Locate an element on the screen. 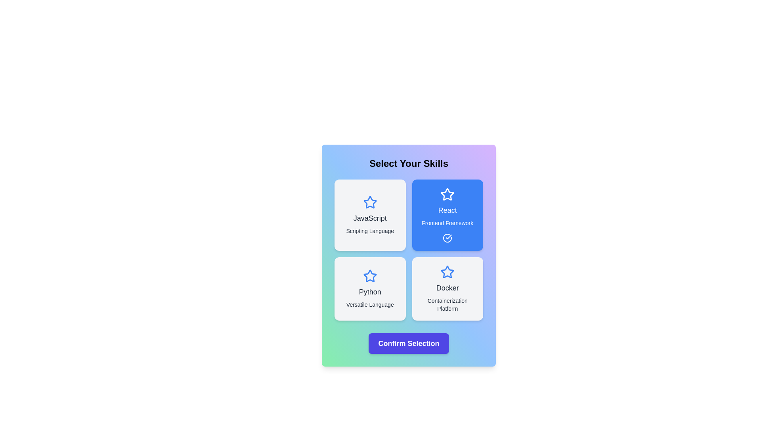 The height and width of the screenshot is (428, 761). the skill card labeled JavaScript is located at coordinates (369, 215).